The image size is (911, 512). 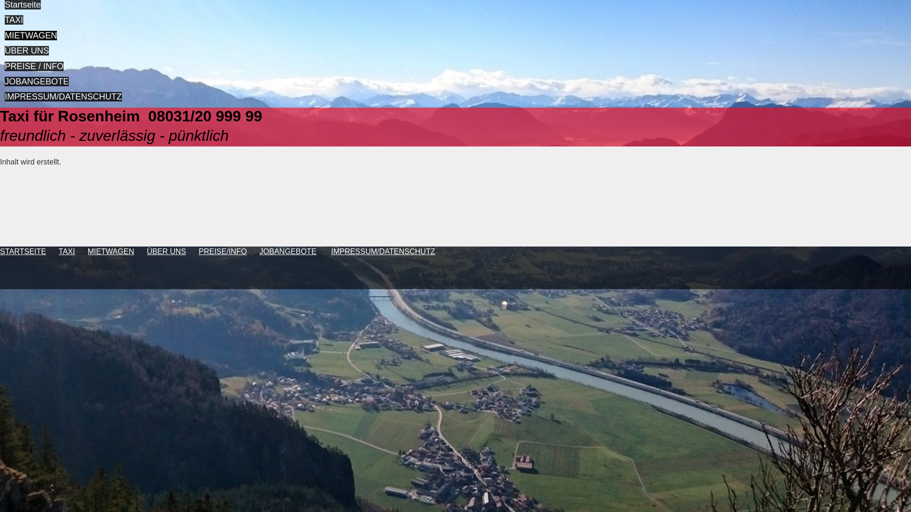 I want to click on 'MIETWAGEN', so click(x=31, y=35).